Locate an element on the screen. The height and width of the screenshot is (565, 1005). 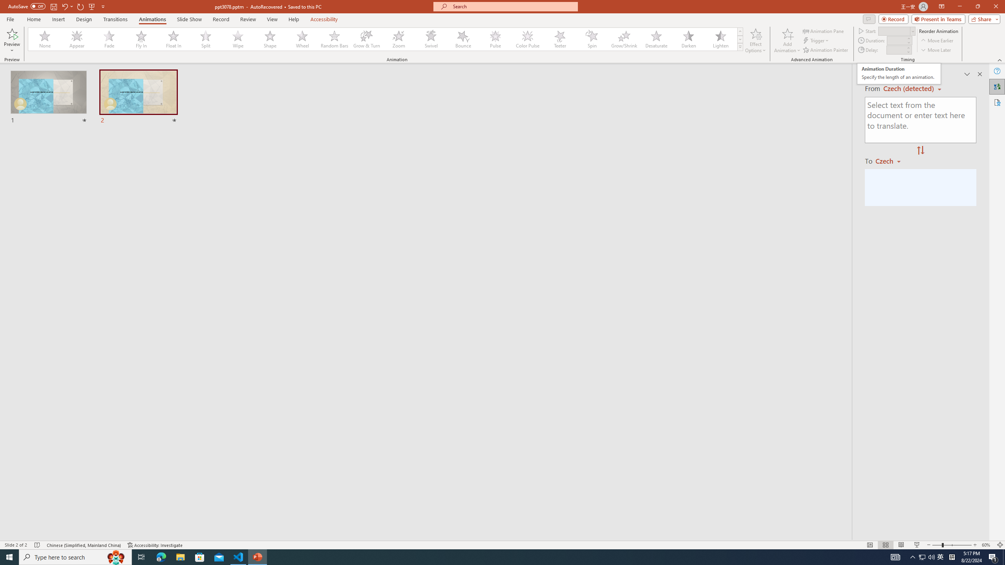
'Fly In' is located at coordinates (141, 39).